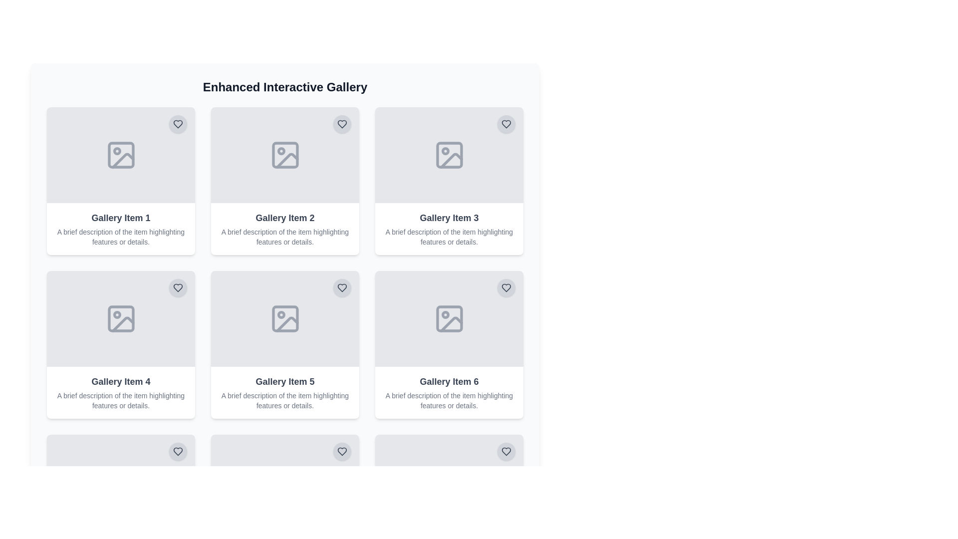 The image size is (958, 539). Describe the element at coordinates (120, 319) in the screenshot. I see `the decorative graphical element within the SVG icon of 'Gallery Item 4', located in the second row and first column of the grid layout` at that location.